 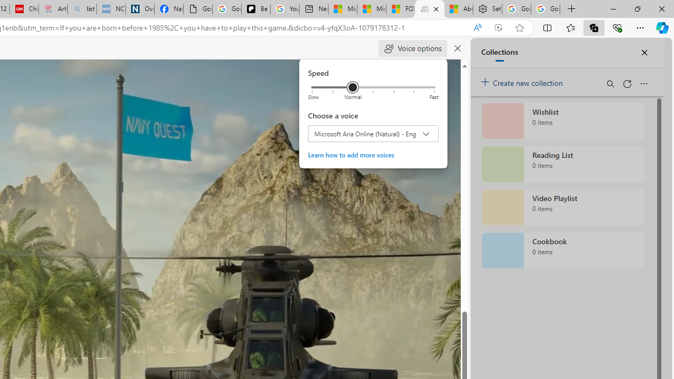 What do you see at coordinates (198, 9) in the screenshot?
I see `'Google Analytics Opt-out Browser Add-on Download Page'` at bounding box center [198, 9].